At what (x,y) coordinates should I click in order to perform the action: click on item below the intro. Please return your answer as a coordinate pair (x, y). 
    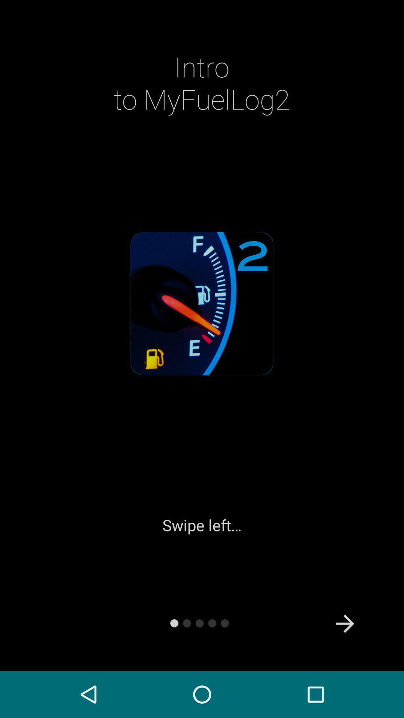
    Looking at the image, I should click on (345, 624).